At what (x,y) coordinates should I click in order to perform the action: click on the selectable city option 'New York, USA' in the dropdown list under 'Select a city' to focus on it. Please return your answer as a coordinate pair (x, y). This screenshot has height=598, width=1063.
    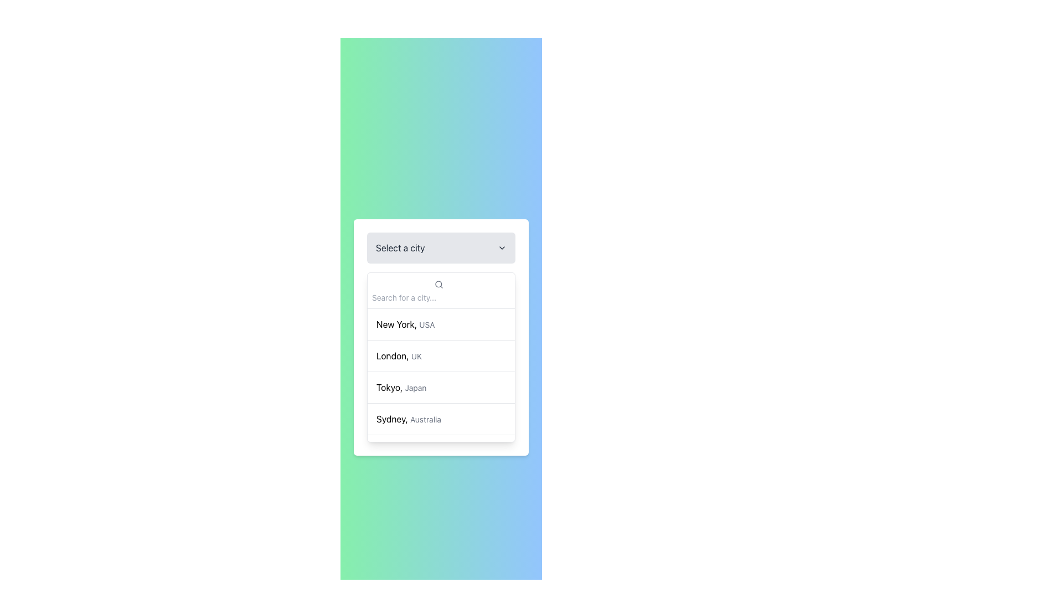
    Looking at the image, I should click on (405, 324).